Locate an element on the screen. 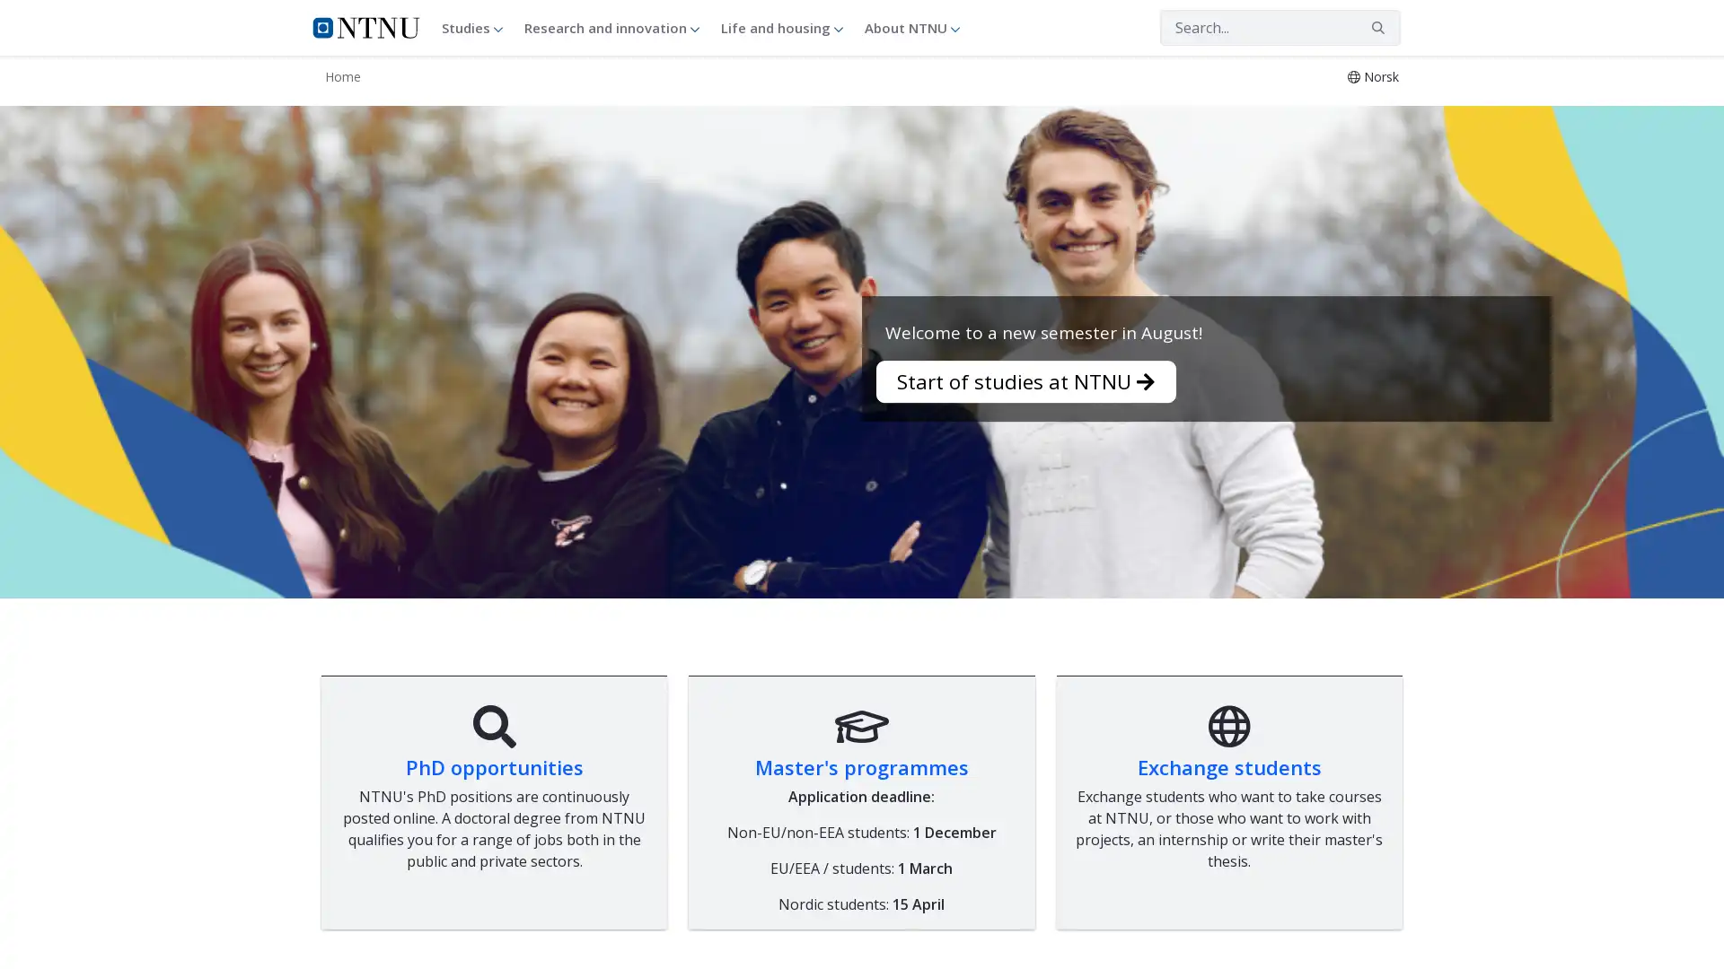 The image size is (1724, 969). Submit is located at coordinates (1377, 27).